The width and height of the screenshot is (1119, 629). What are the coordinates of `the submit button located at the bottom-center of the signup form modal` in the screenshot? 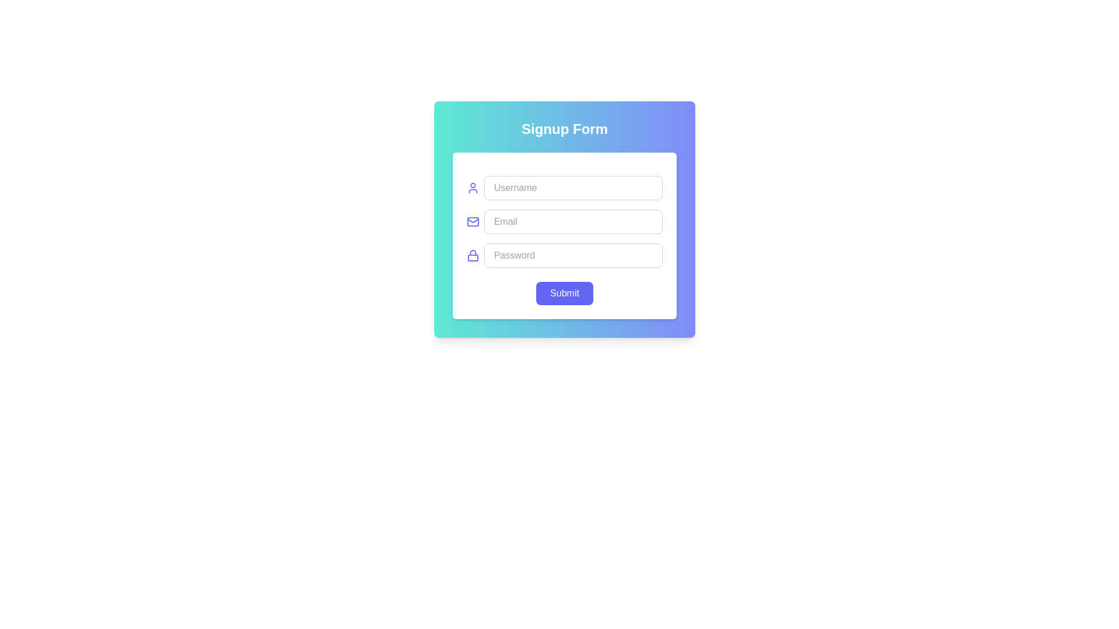 It's located at (565, 293).